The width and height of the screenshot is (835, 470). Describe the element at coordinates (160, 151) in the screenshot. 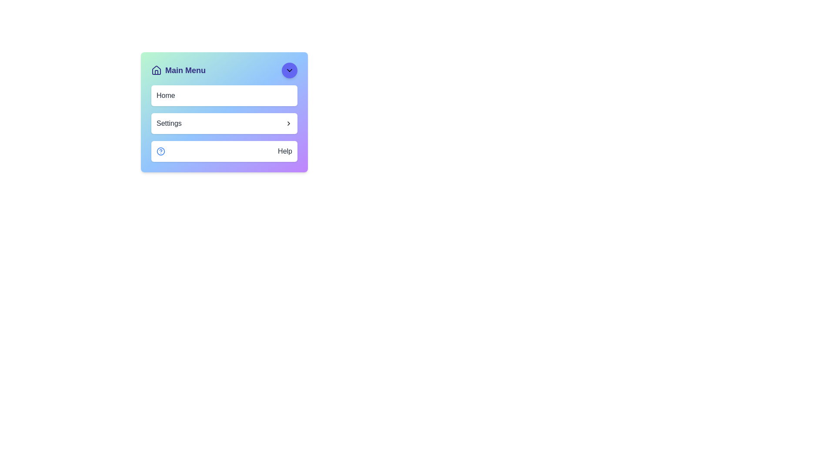

I see `the blue circular icon with a question mark inside, located to the left of the 'Help' text in the Help row of the menu-like card` at that location.